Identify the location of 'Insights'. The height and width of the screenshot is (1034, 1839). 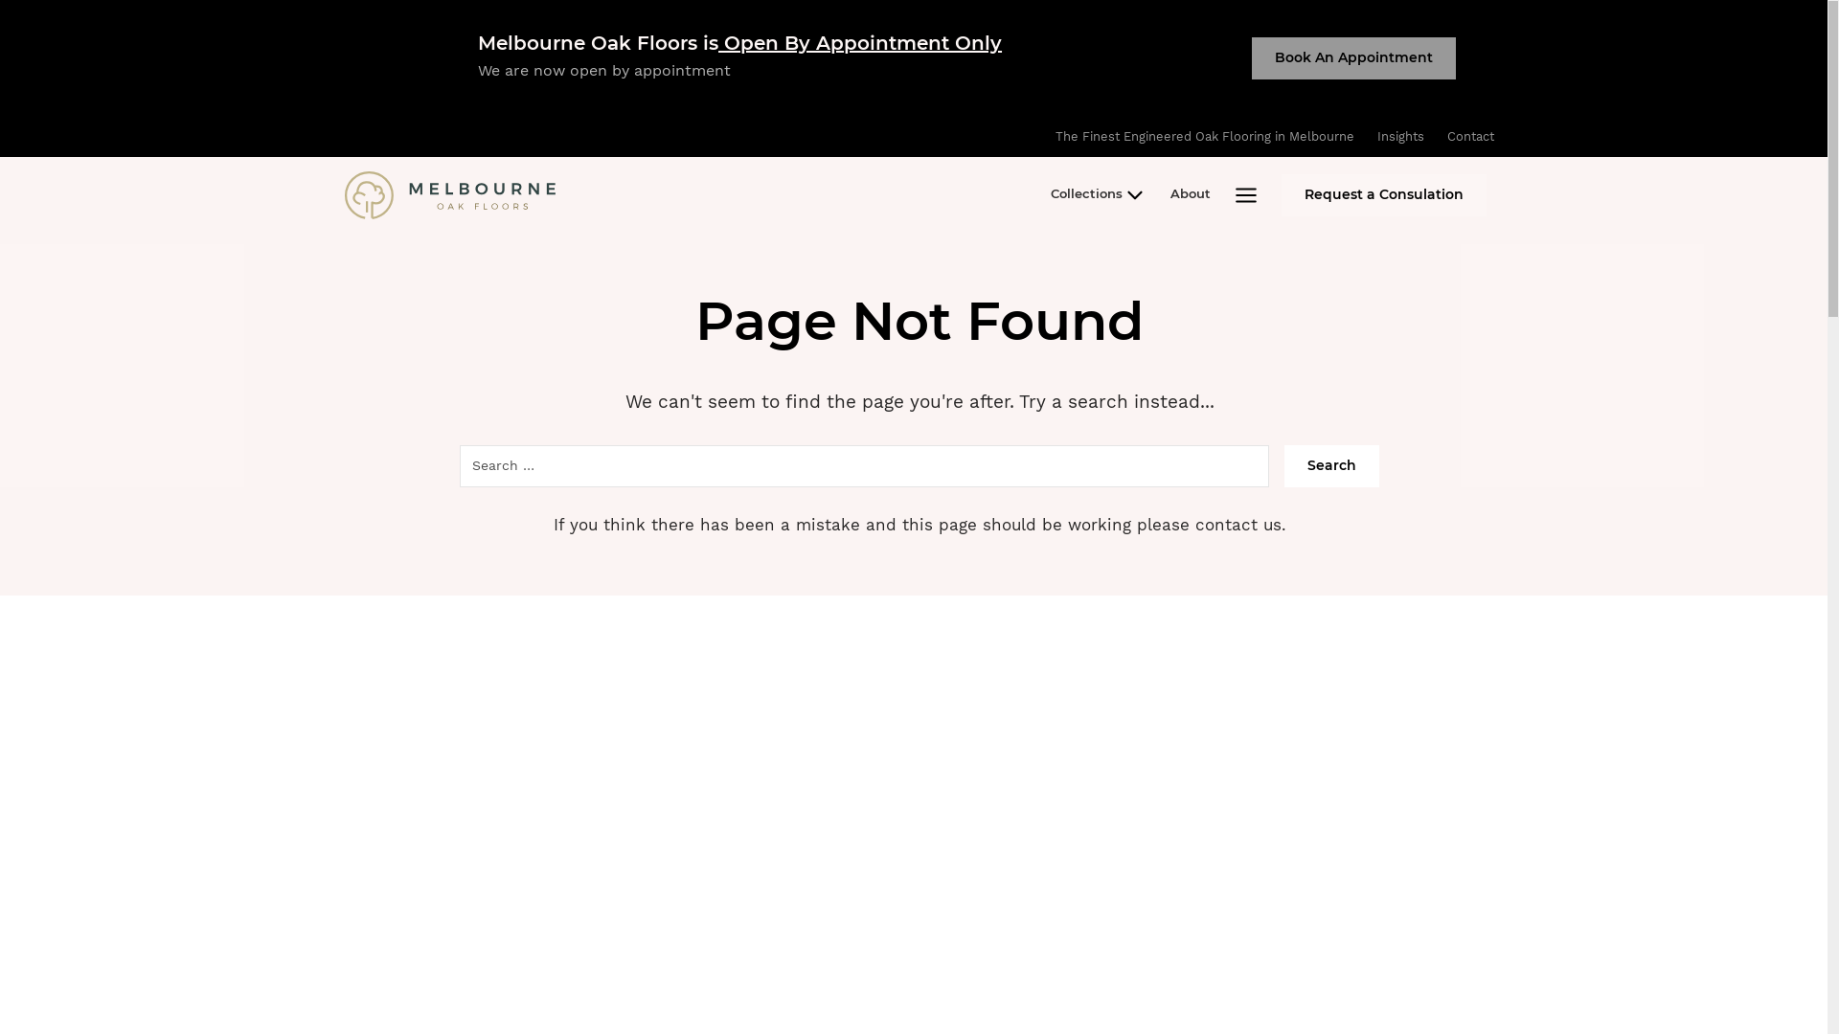
(1400, 135).